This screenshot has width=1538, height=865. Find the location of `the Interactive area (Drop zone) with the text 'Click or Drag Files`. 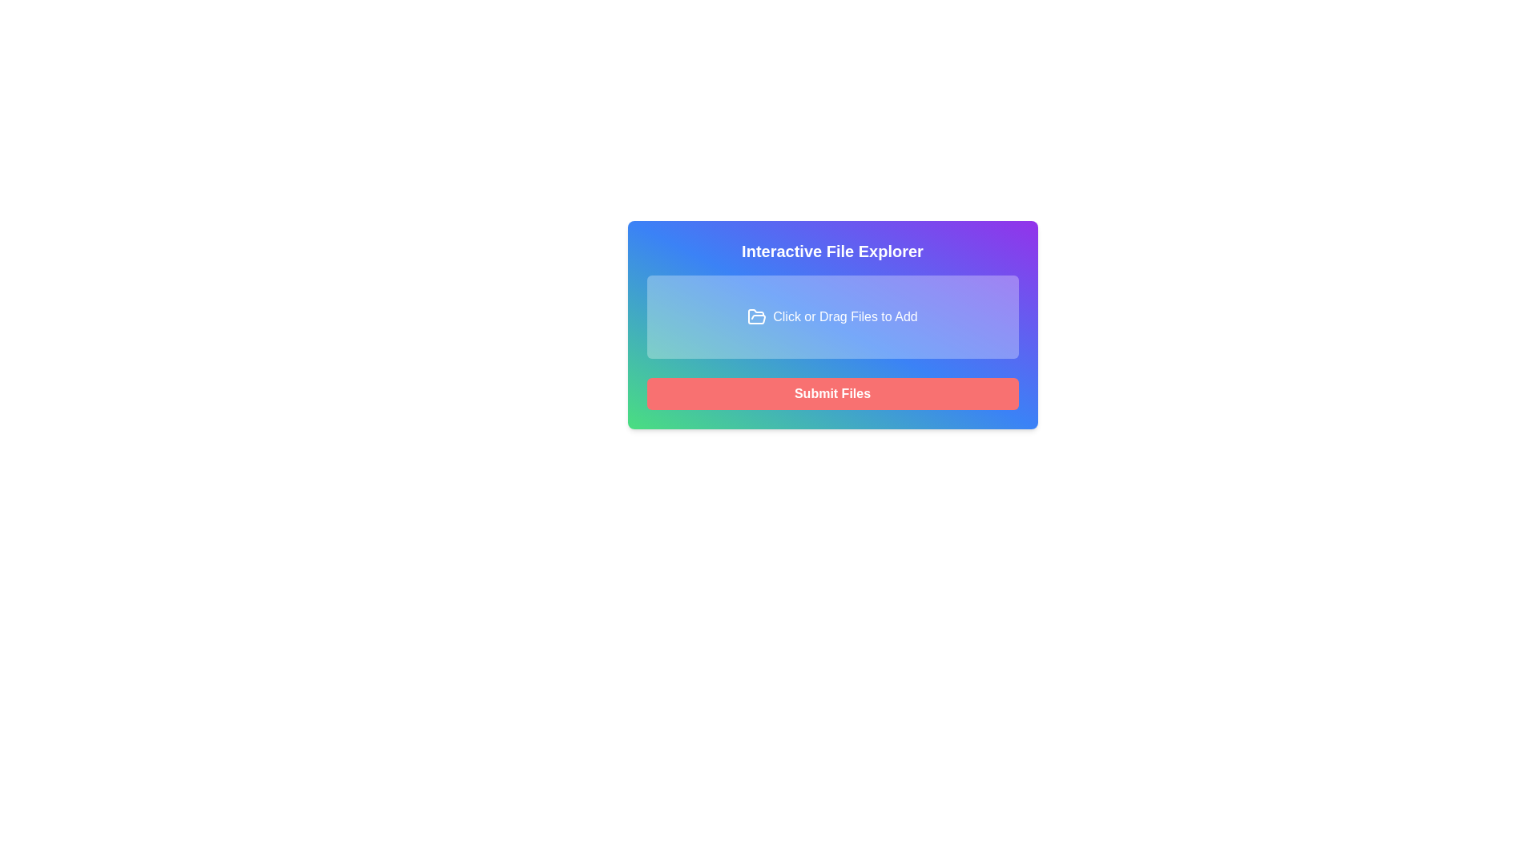

the Interactive area (Drop zone) with the text 'Click or Drag Files is located at coordinates (832, 324).